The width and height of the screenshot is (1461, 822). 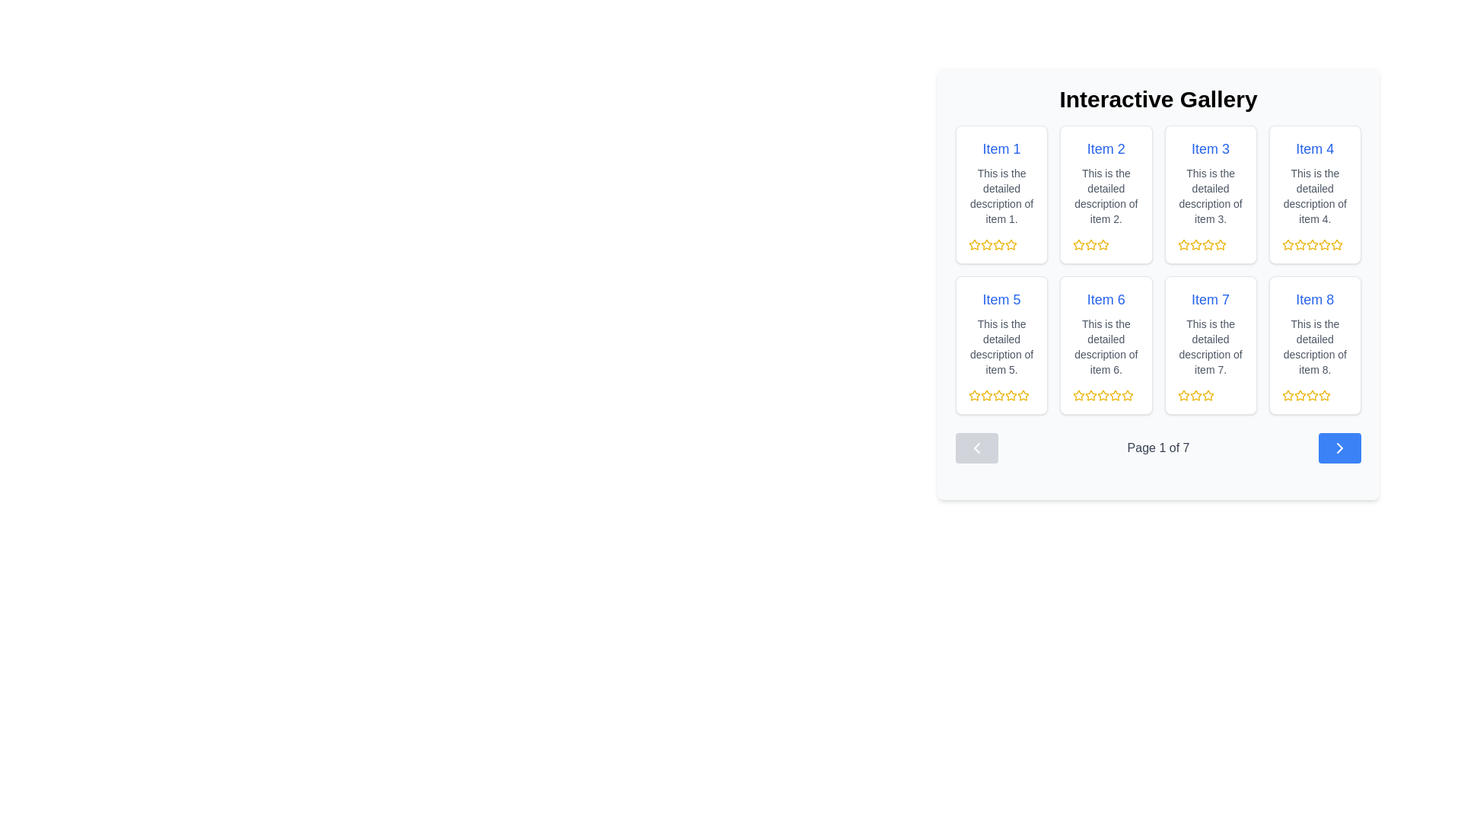 What do you see at coordinates (1182, 244) in the screenshot?
I see `the yellow star-shaped rating icon located below the text 'Item 3' to provide a rating` at bounding box center [1182, 244].